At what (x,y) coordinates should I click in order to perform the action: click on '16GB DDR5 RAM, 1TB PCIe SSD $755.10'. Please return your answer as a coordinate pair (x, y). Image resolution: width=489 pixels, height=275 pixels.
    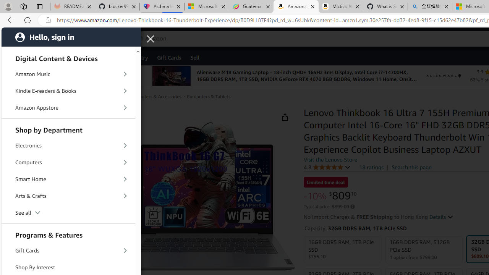
    Looking at the image, I should click on (342, 249).